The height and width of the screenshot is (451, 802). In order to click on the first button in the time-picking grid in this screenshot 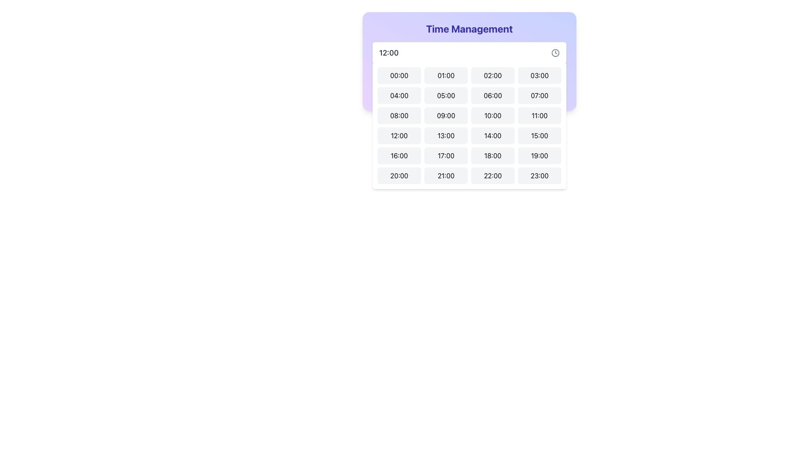, I will do `click(398, 76)`.